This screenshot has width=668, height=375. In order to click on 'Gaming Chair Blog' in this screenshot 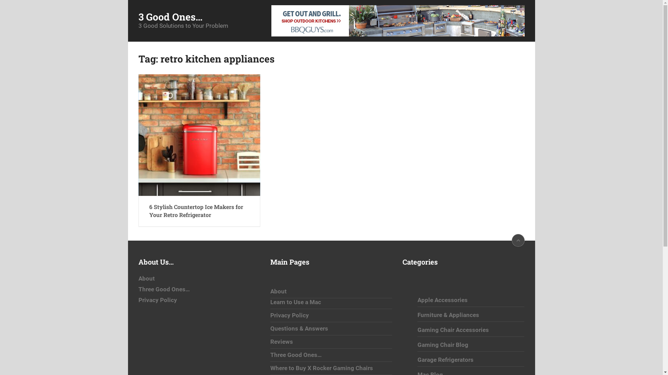, I will do `click(442, 344)`.